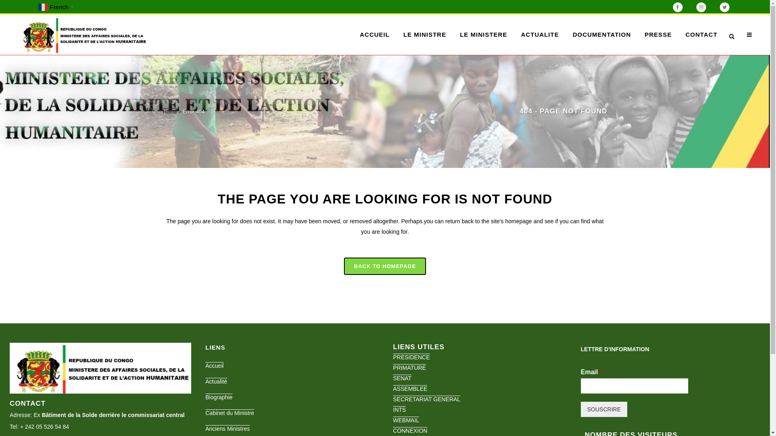 The height and width of the screenshot is (436, 776). What do you see at coordinates (410, 430) in the screenshot?
I see `'CONNEXION'` at bounding box center [410, 430].